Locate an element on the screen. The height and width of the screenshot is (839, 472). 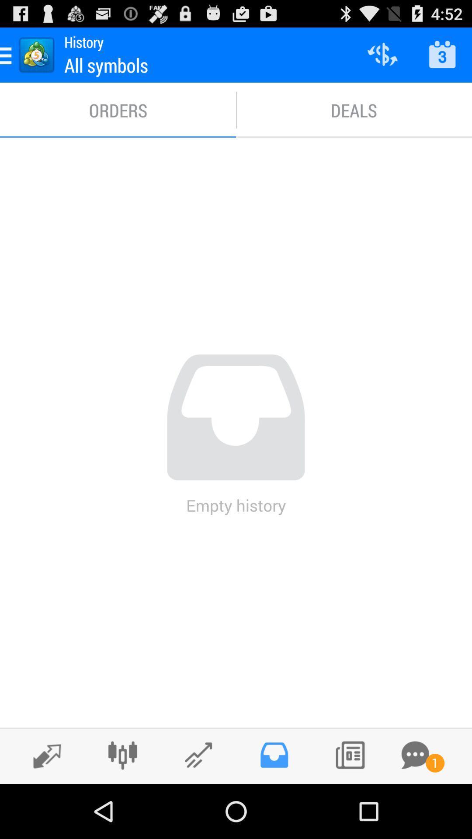
the deals icon is located at coordinates (354, 110).